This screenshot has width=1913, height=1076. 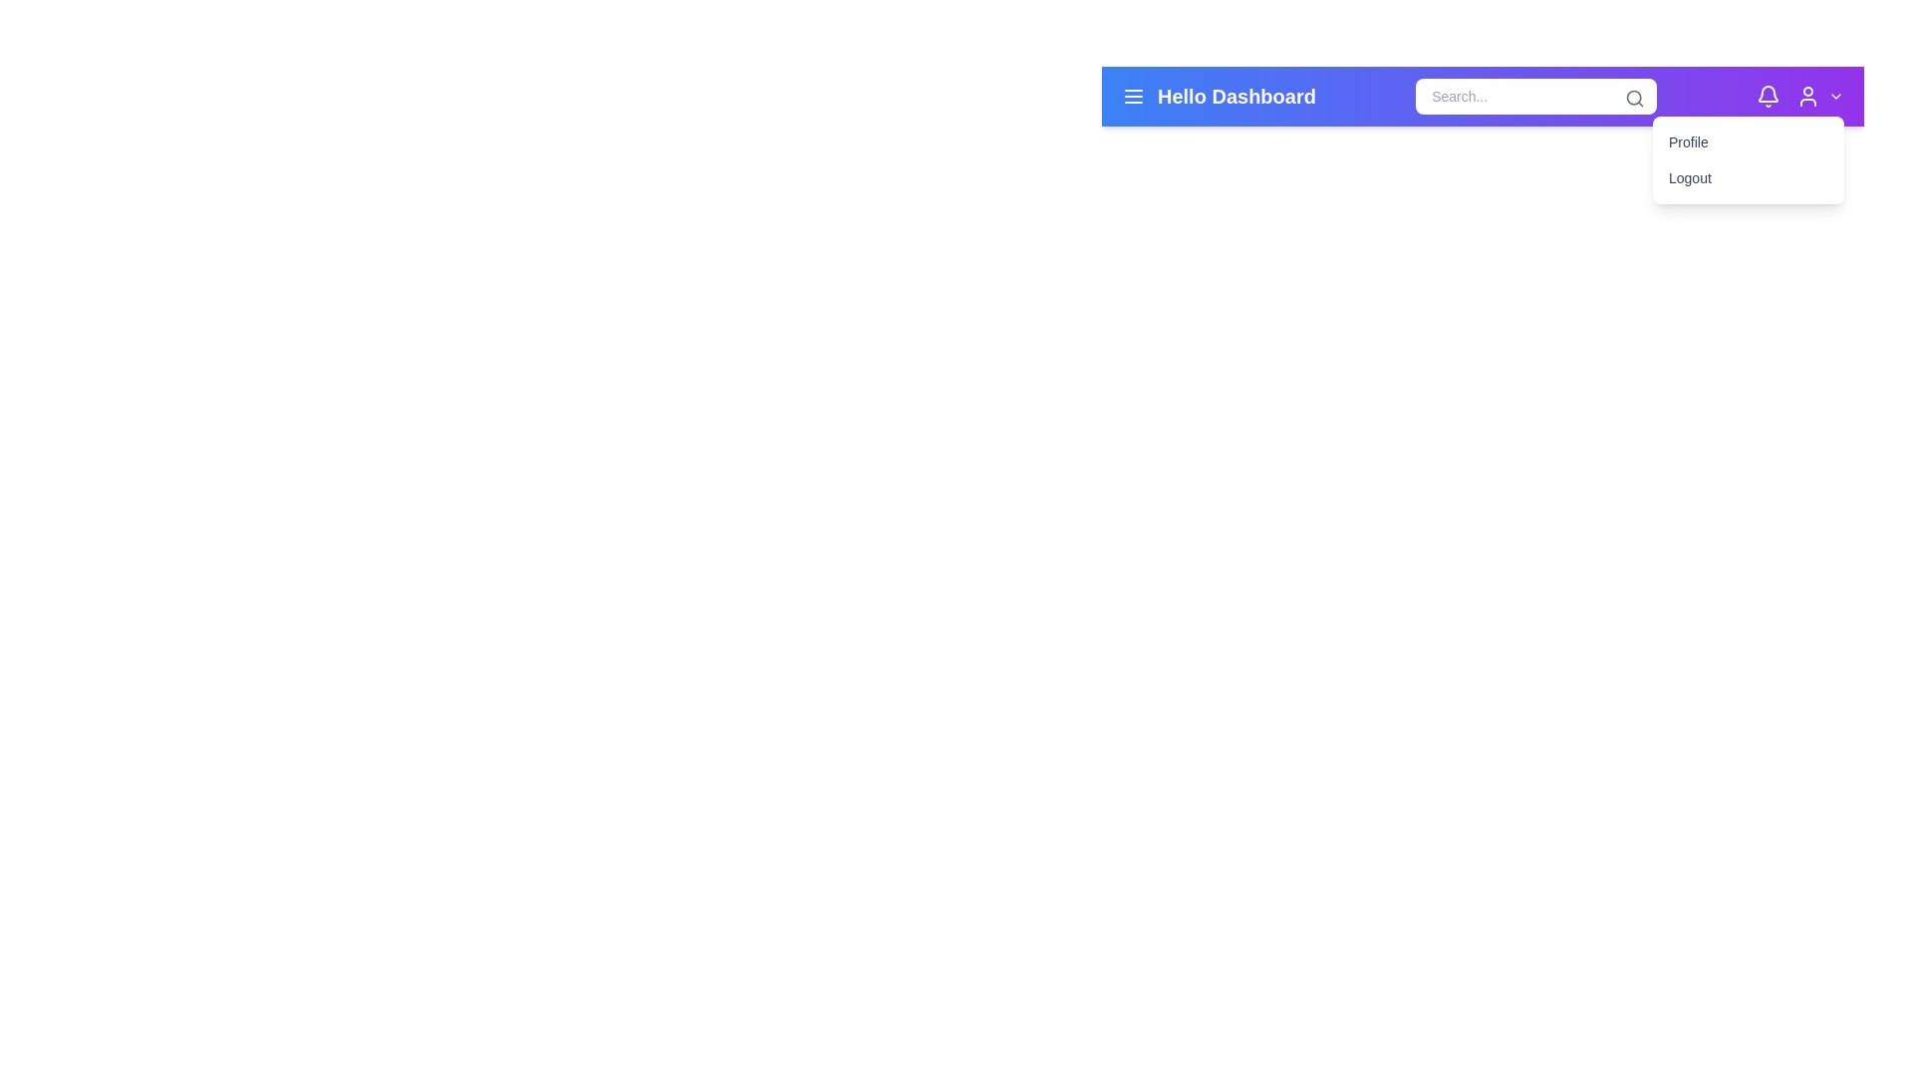 What do you see at coordinates (1235, 96) in the screenshot?
I see `the bold white text label reading 'Hello Dashboard' located in the header, positioned between the hamburger menu and the search bar` at bounding box center [1235, 96].